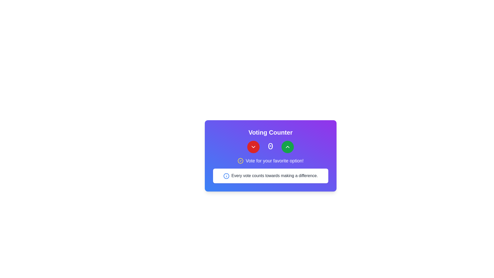 Image resolution: width=494 pixels, height=278 pixels. What do you see at coordinates (270, 147) in the screenshot?
I see `the central numeric display of the voting component that shows the current tally or score, located between the interactive buttons and beneath 'Voting Counter'` at bounding box center [270, 147].